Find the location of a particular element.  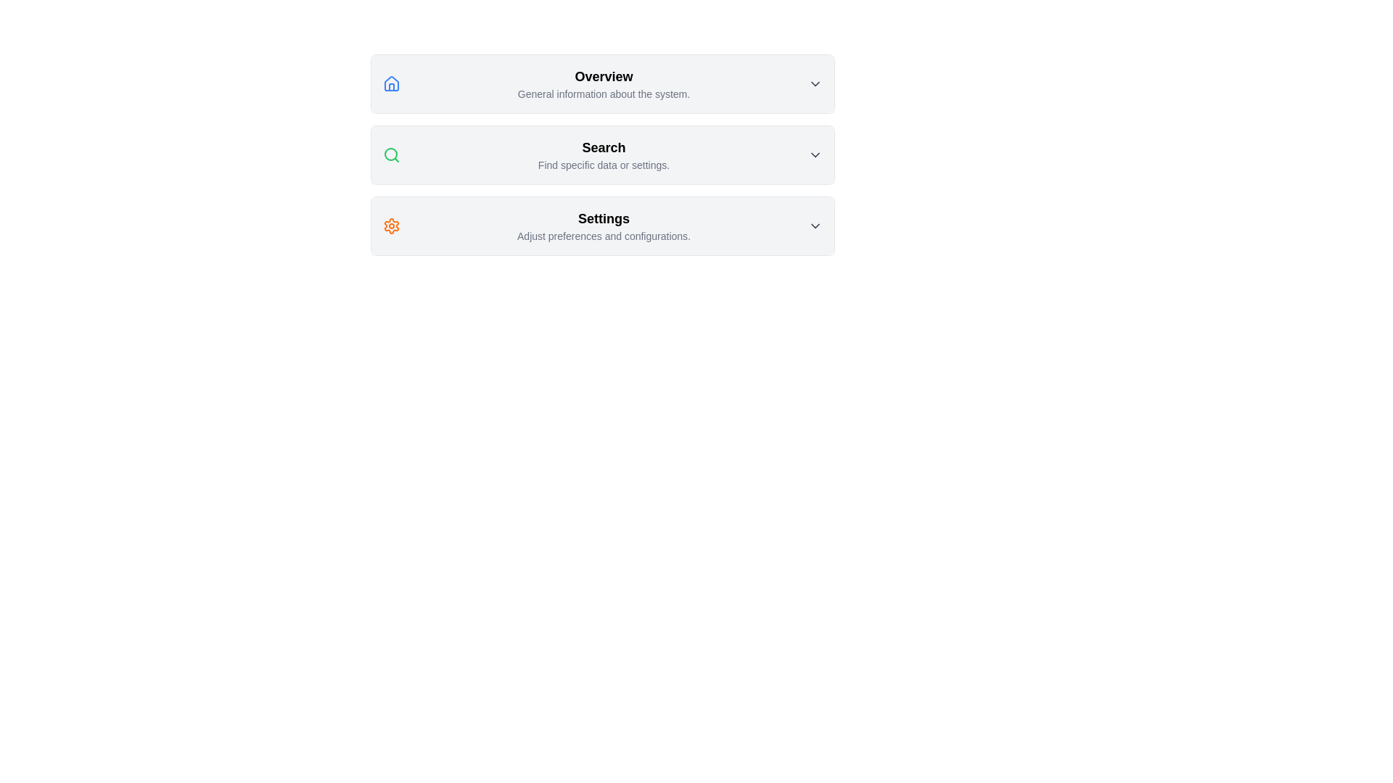

the text description element that contains 'Find specific data or settings.' located directly below the 'Search' heading is located at coordinates (604, 164).